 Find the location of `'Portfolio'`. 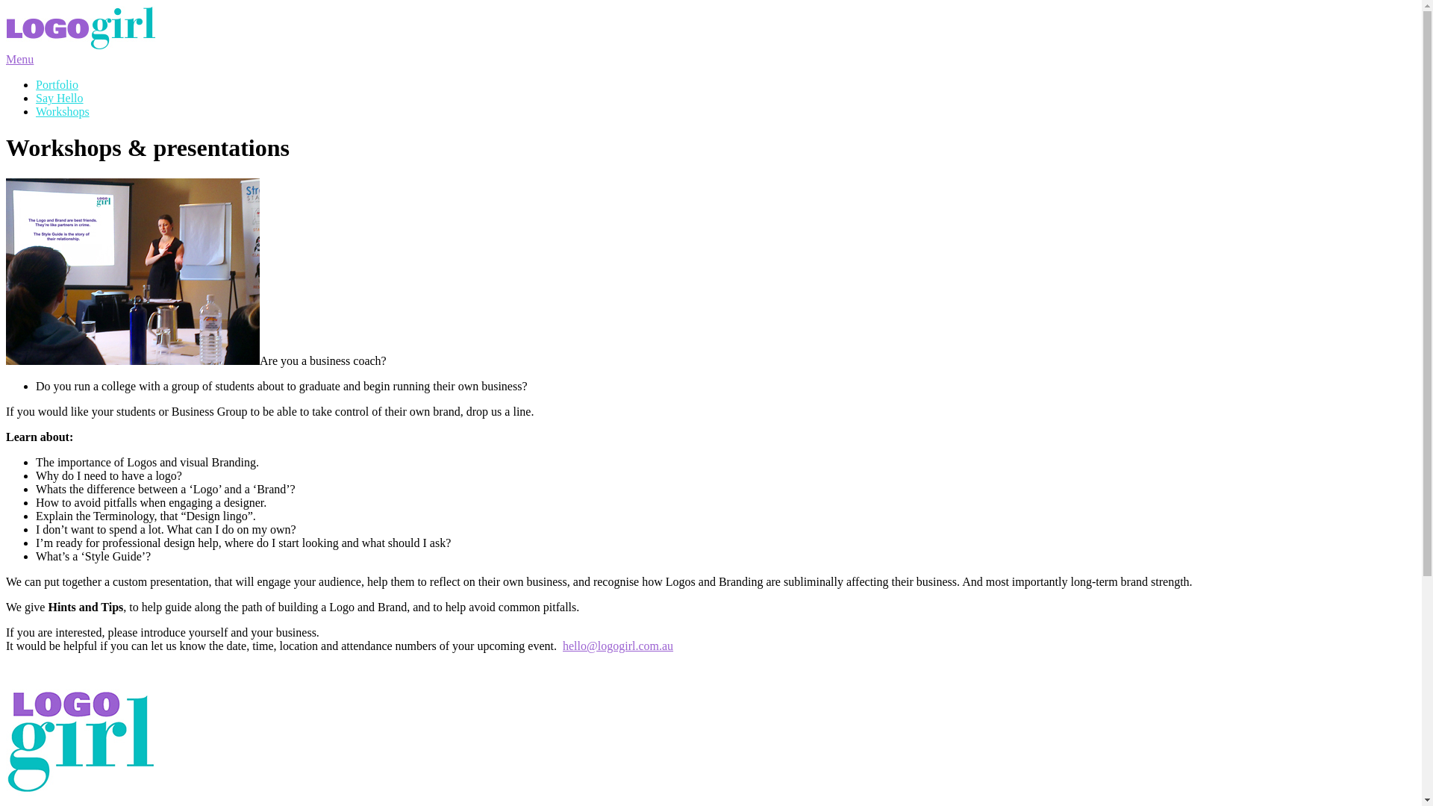

'Portfolio' is located at coordinates (57, 84).